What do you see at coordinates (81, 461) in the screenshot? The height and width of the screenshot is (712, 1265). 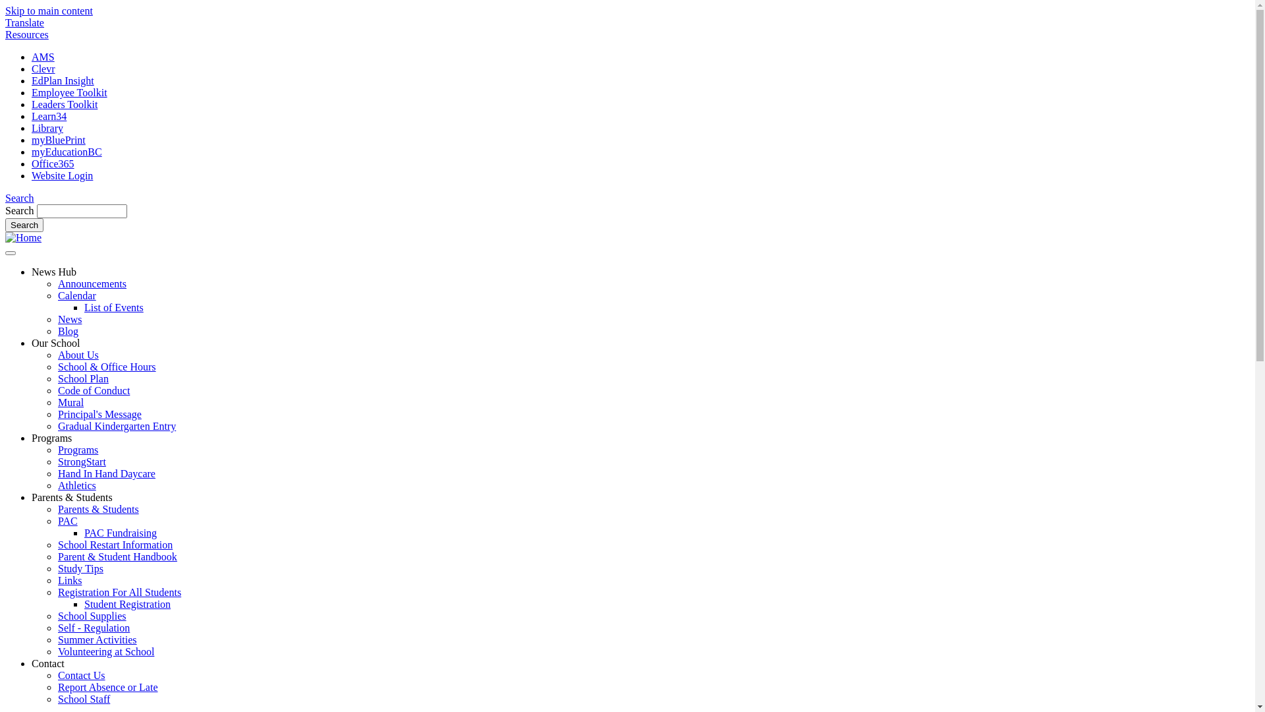 I see `'StrongStart'` at bounding box center [81, 461].